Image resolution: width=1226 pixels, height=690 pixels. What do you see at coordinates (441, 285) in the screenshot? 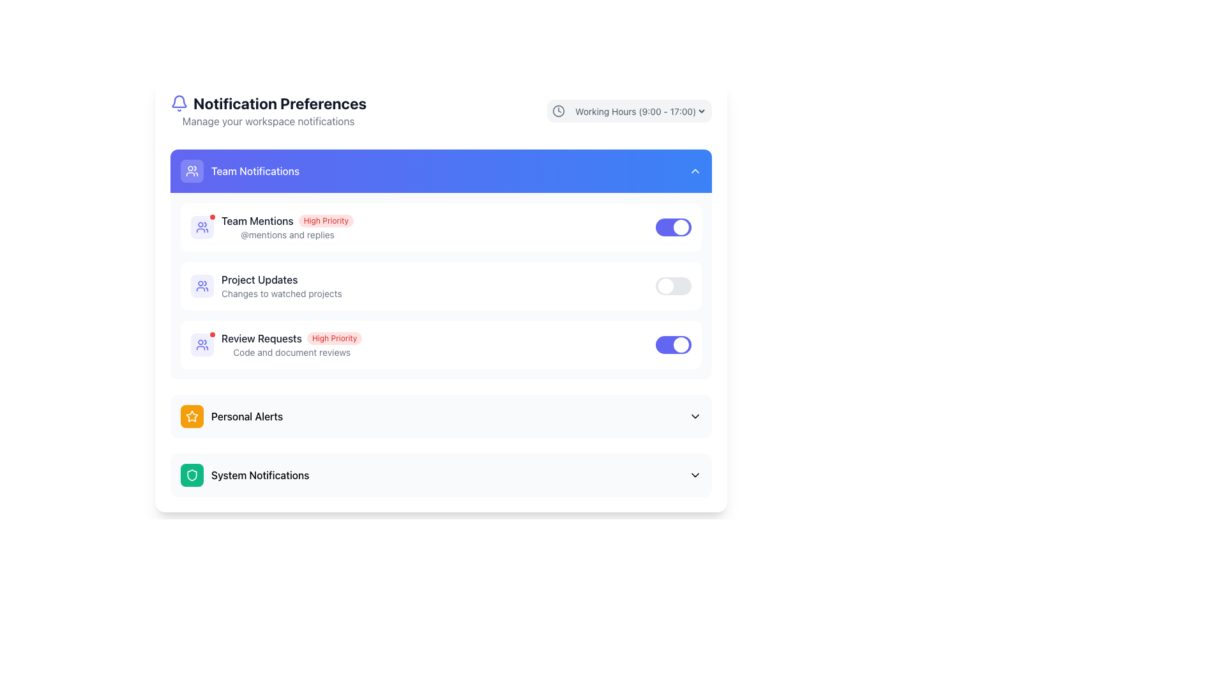
I see `the toggle switch of the notification preference card located in the 'Team Notifications' section` at bounding box center [441, 285].